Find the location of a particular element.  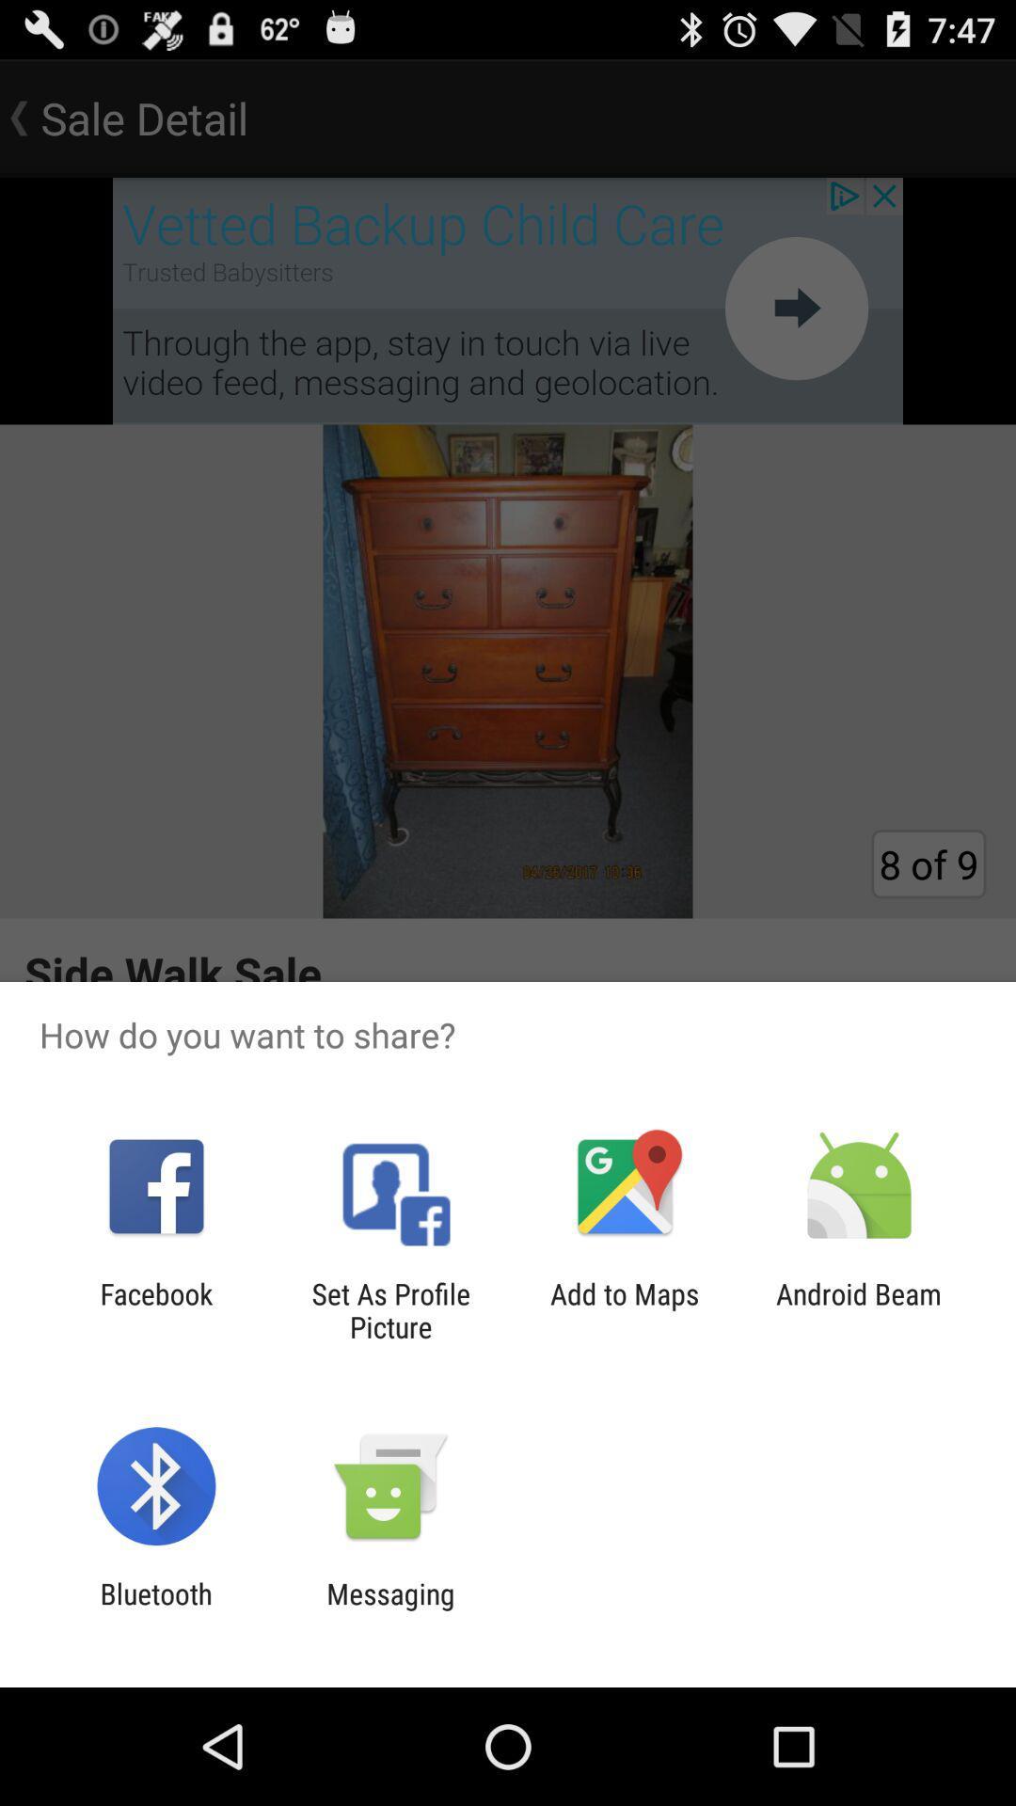

app to the right of the facebook is located at coordinates (389, 1309).